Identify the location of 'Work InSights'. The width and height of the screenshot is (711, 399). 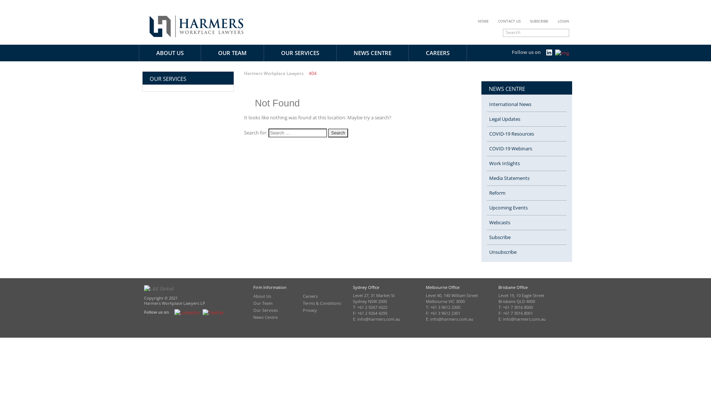
(487, 163).